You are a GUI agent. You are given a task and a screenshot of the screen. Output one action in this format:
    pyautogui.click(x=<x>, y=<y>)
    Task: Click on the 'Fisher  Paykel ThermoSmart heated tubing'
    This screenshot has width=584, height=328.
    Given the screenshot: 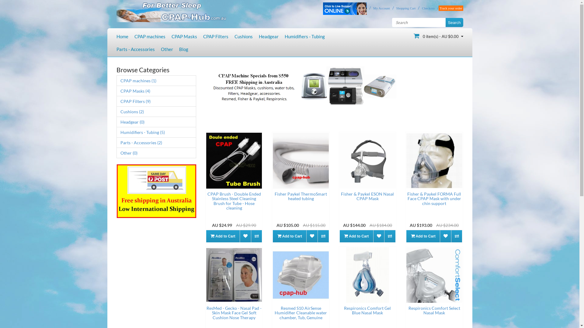 What is the action you would take?
    pyautogui.click(x=301, y=160)
    